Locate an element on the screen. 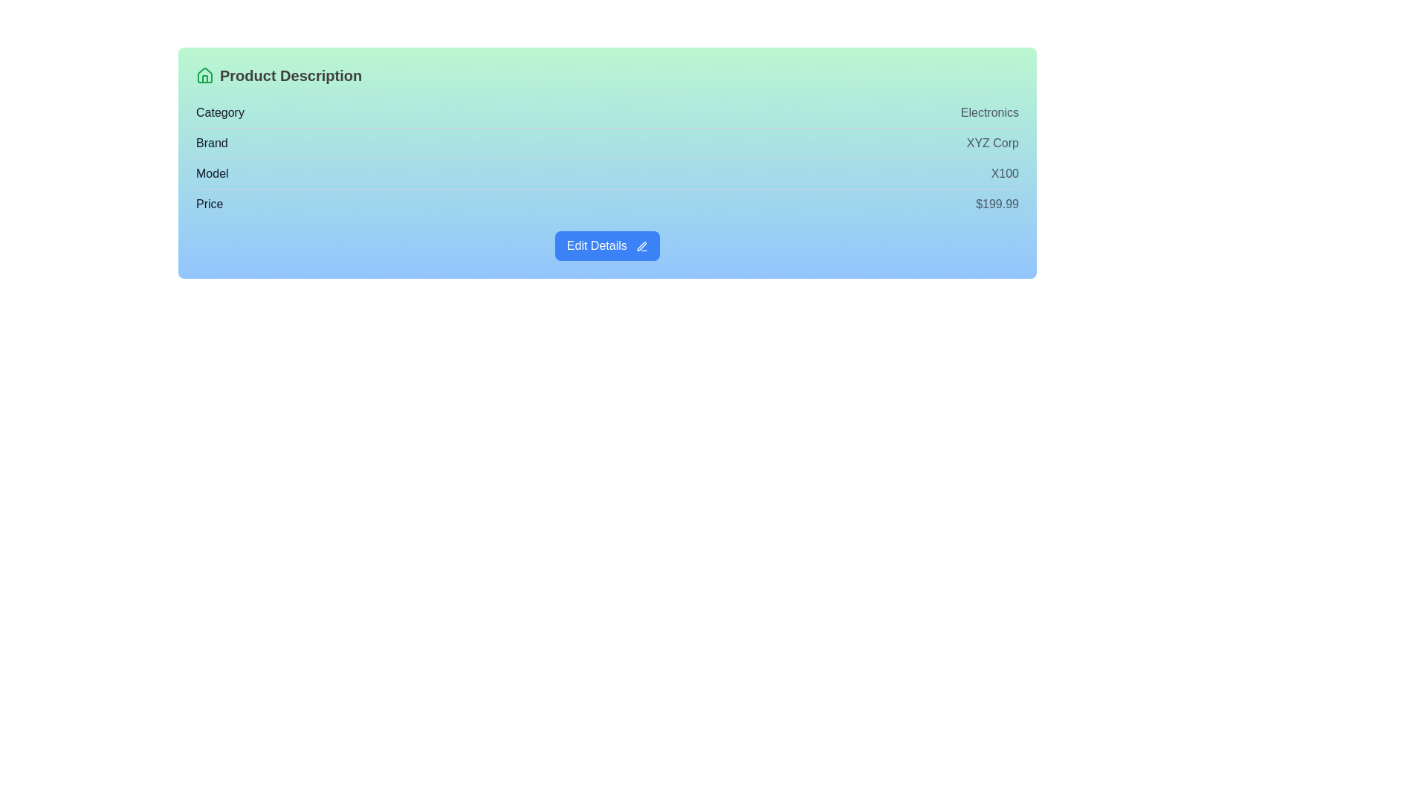 The height and width of the screenshot is (803, 1427). the 'Electronics' text label, which is styled in gray and positioned to the right of 'Category' in the product description section is located at coordinates (989, 112).